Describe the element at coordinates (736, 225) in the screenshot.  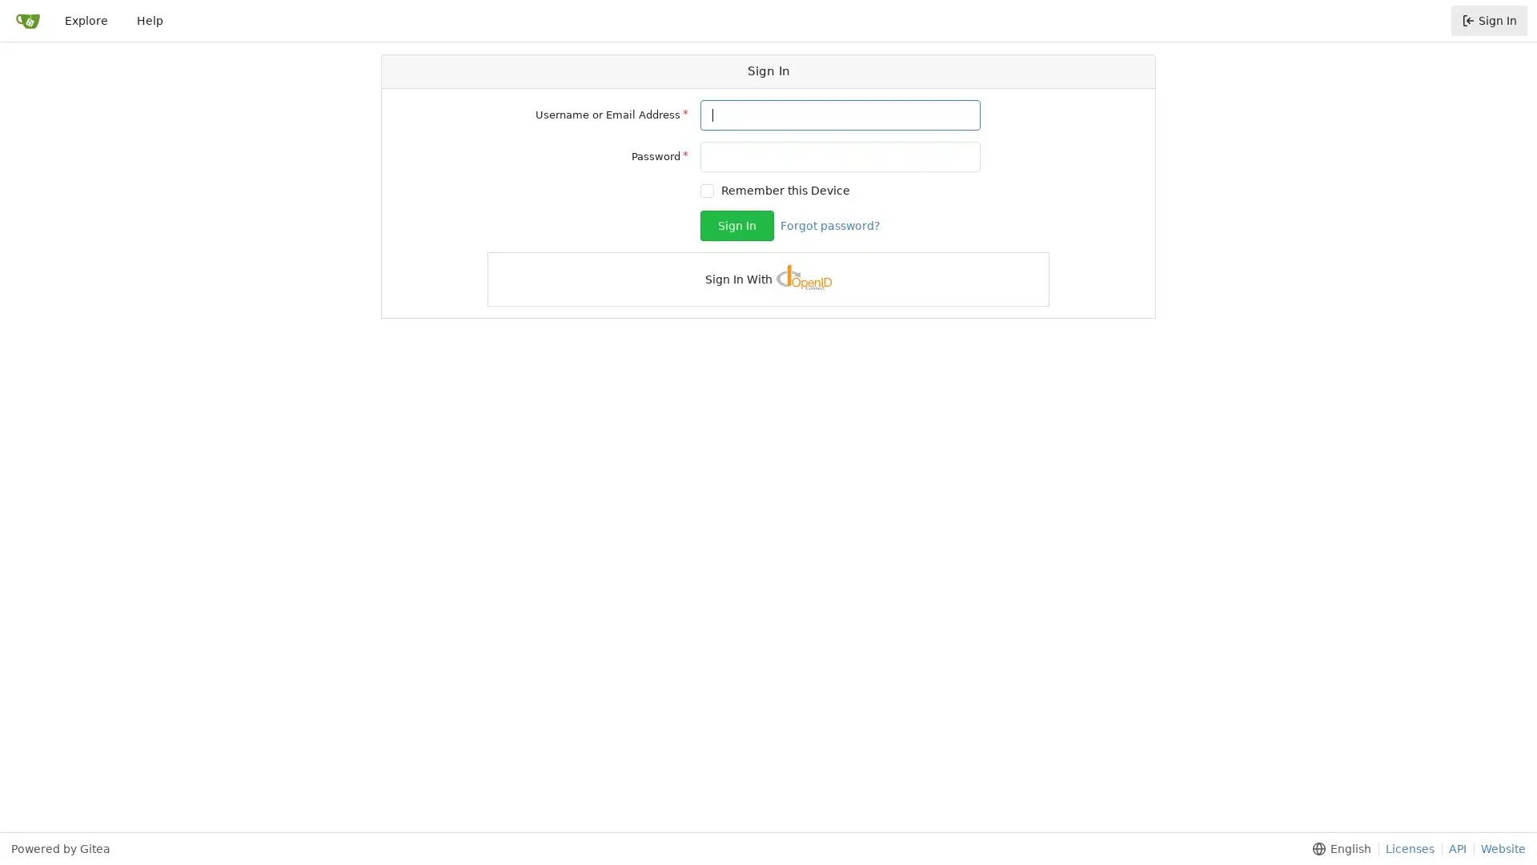
I see `Sign In` at that location.